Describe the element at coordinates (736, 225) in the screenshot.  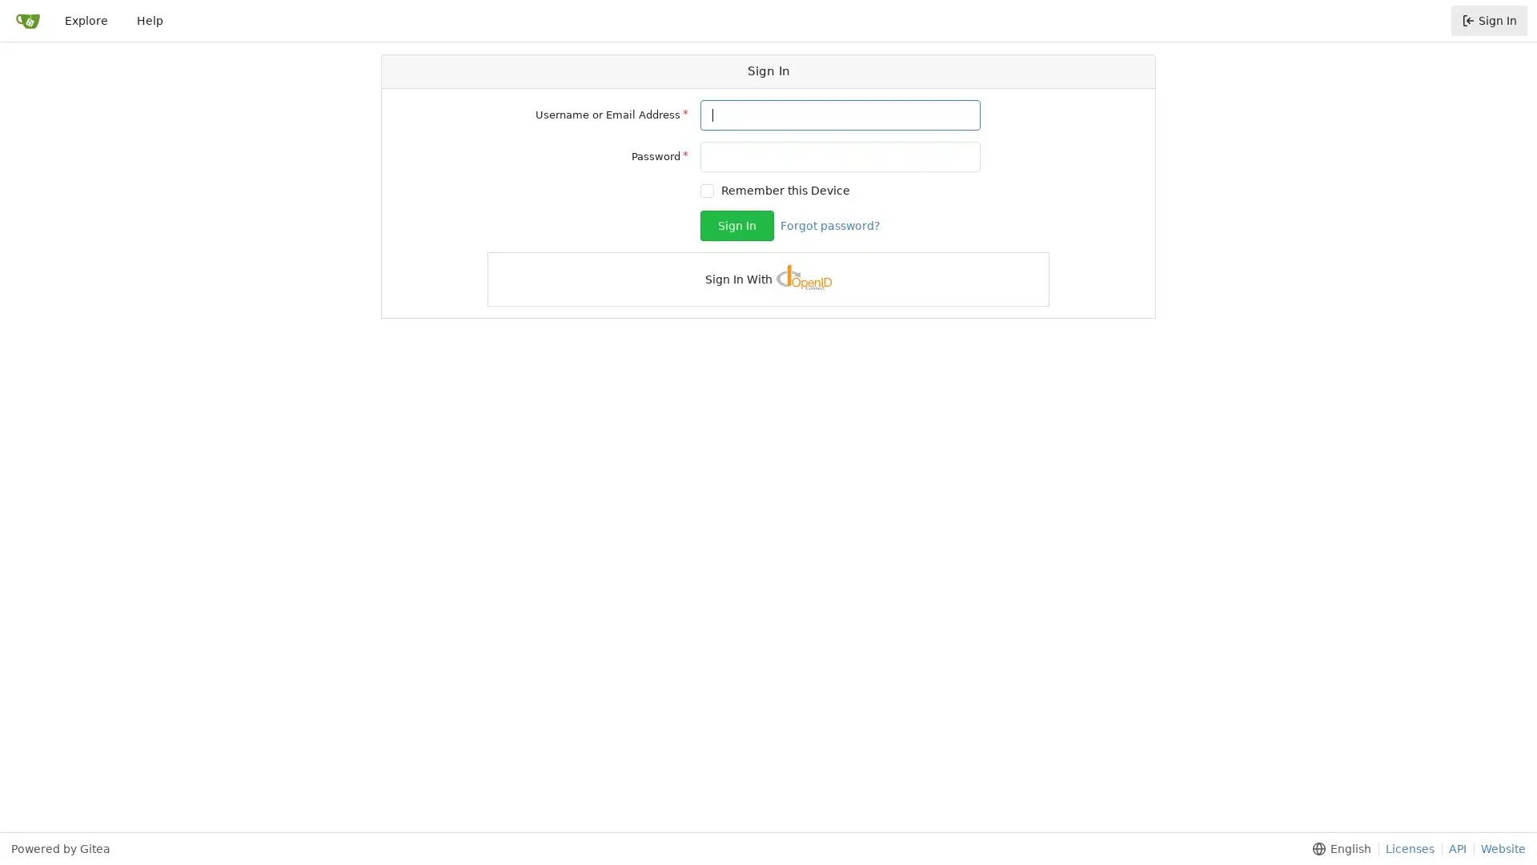
I see `Sign In` at that location.